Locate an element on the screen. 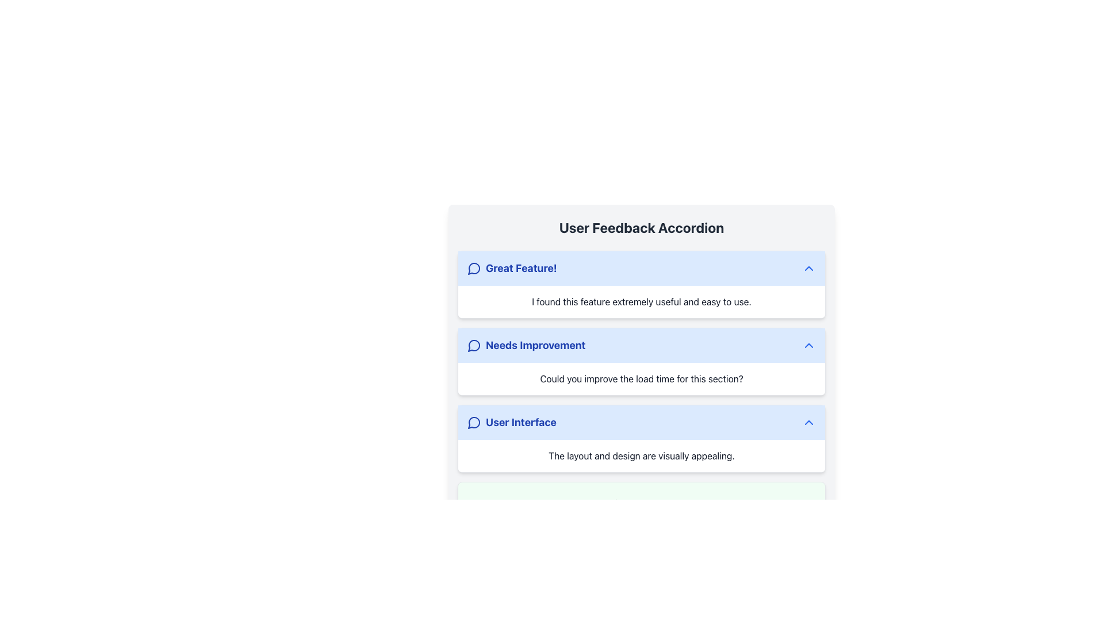 This screenshot has height=621, width=1104. the leading speech bubble icon with a blue outline located next to the text 'User Interface' in the feedback section list is located at coordinates (474, 423).